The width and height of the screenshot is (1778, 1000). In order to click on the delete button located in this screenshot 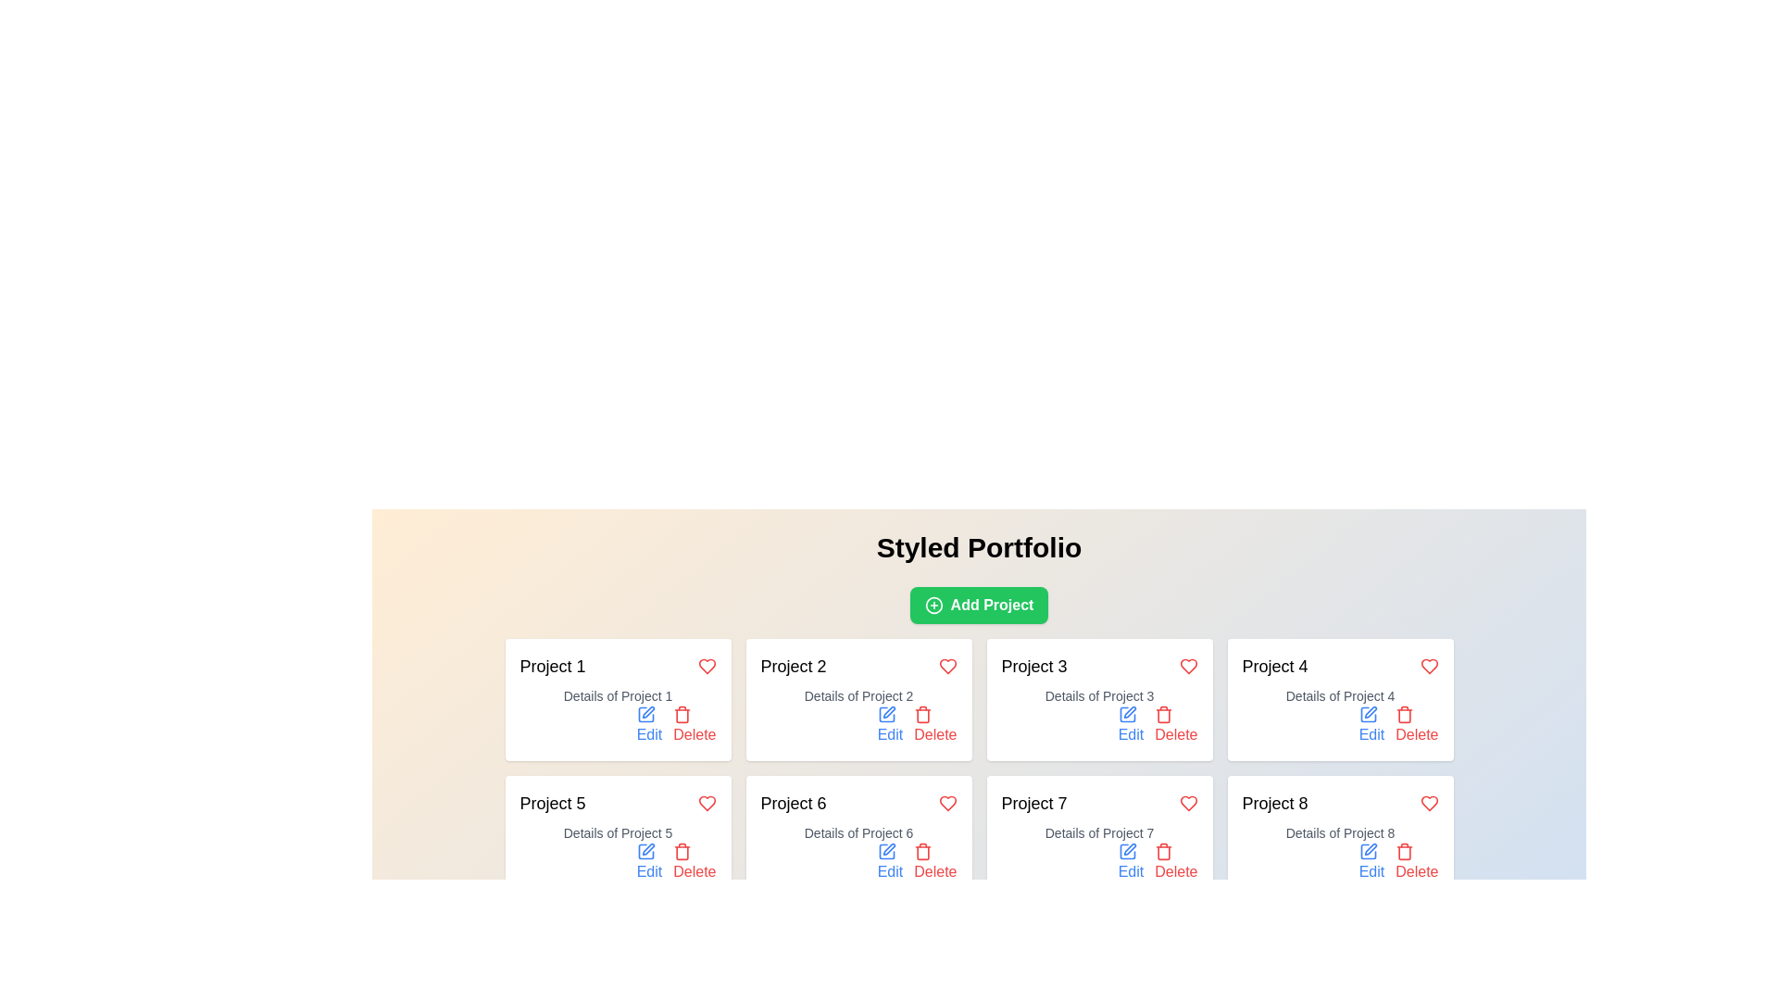, I will do `click(935, 863)`.